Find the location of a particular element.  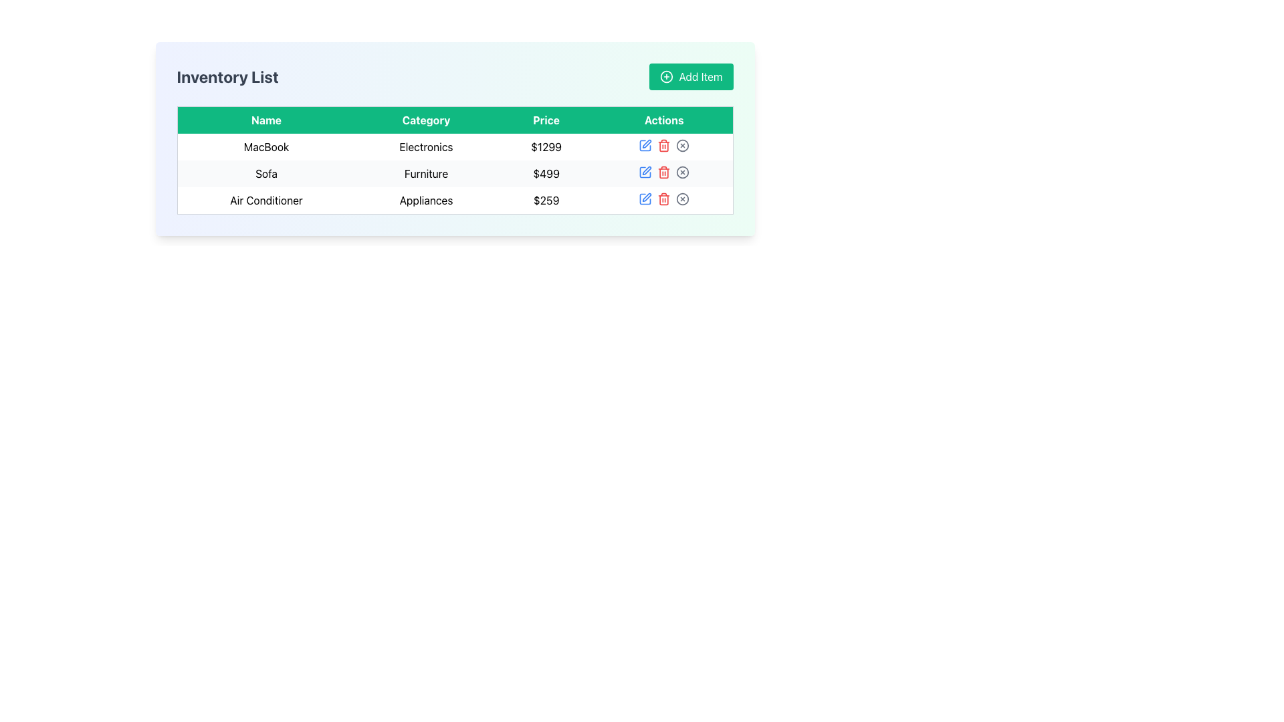

the text label that serves as a label for the button allowing users to add new items to the inventory list, located at the top-right corner of the interface is located at coordinates (700, 77).